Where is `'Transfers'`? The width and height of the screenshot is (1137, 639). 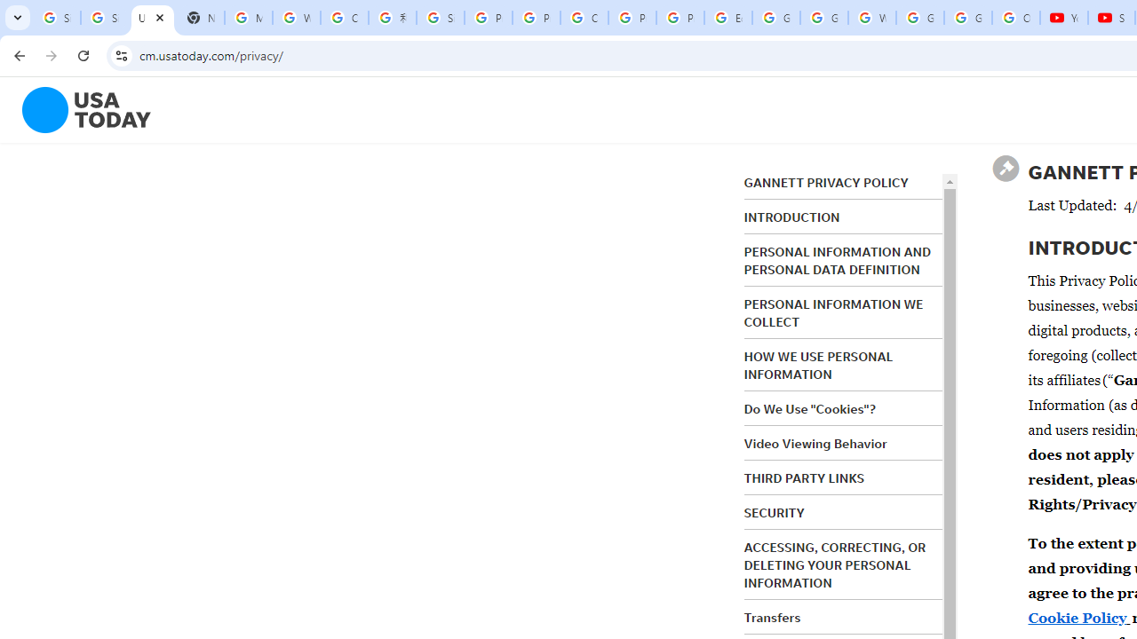
'Transfers' is located at coordinates (772, 616).